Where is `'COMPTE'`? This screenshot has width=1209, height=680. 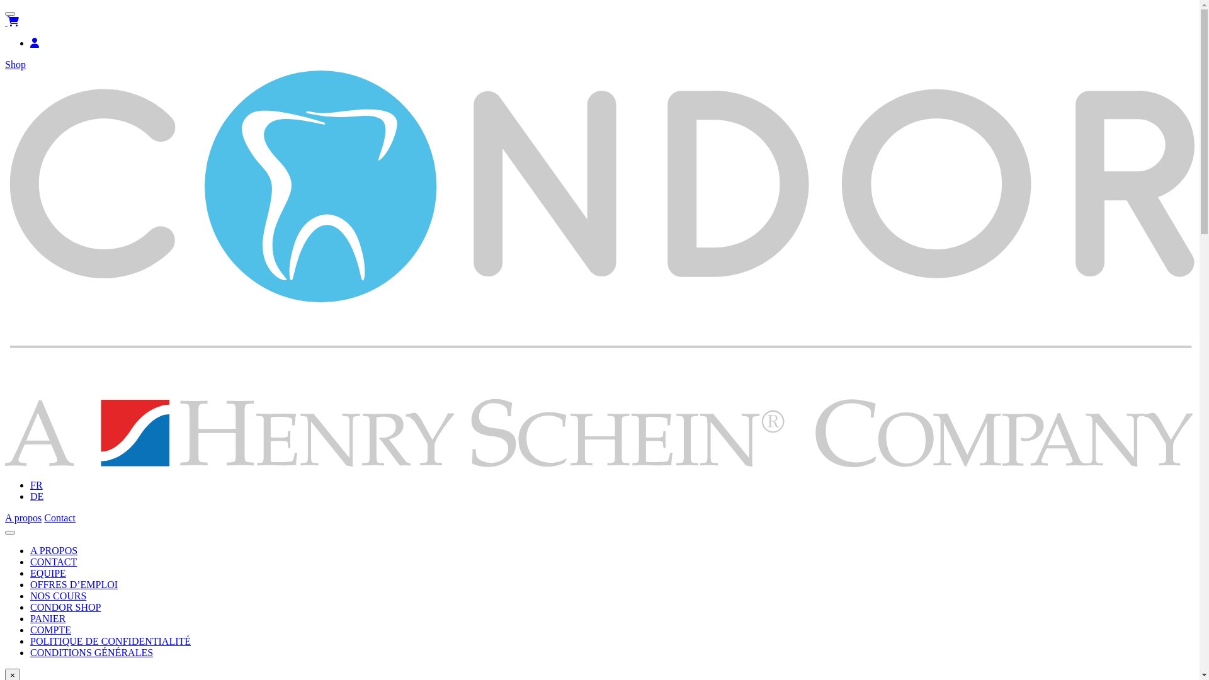
'COMPTE' is located at coordinates (50, 630).